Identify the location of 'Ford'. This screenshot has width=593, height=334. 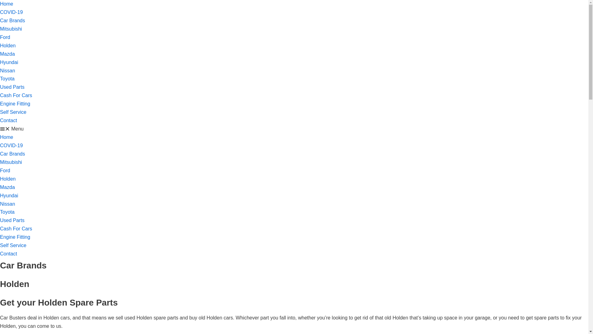
(0, 170).